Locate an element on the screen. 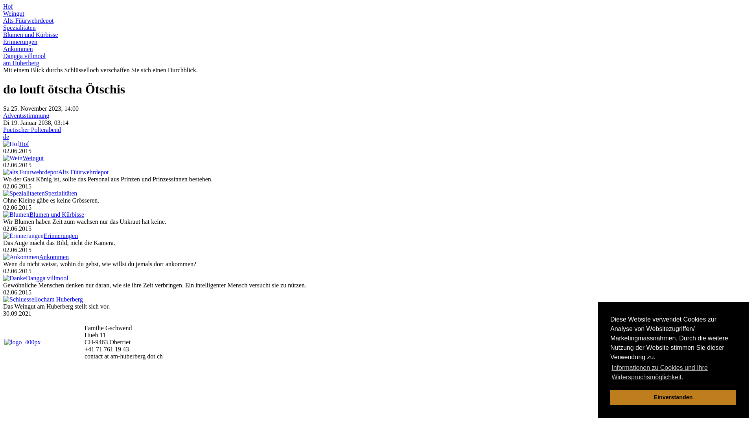 This screenshot has width=755, height=424. 'Danke' is located at coordinates (15, 278).